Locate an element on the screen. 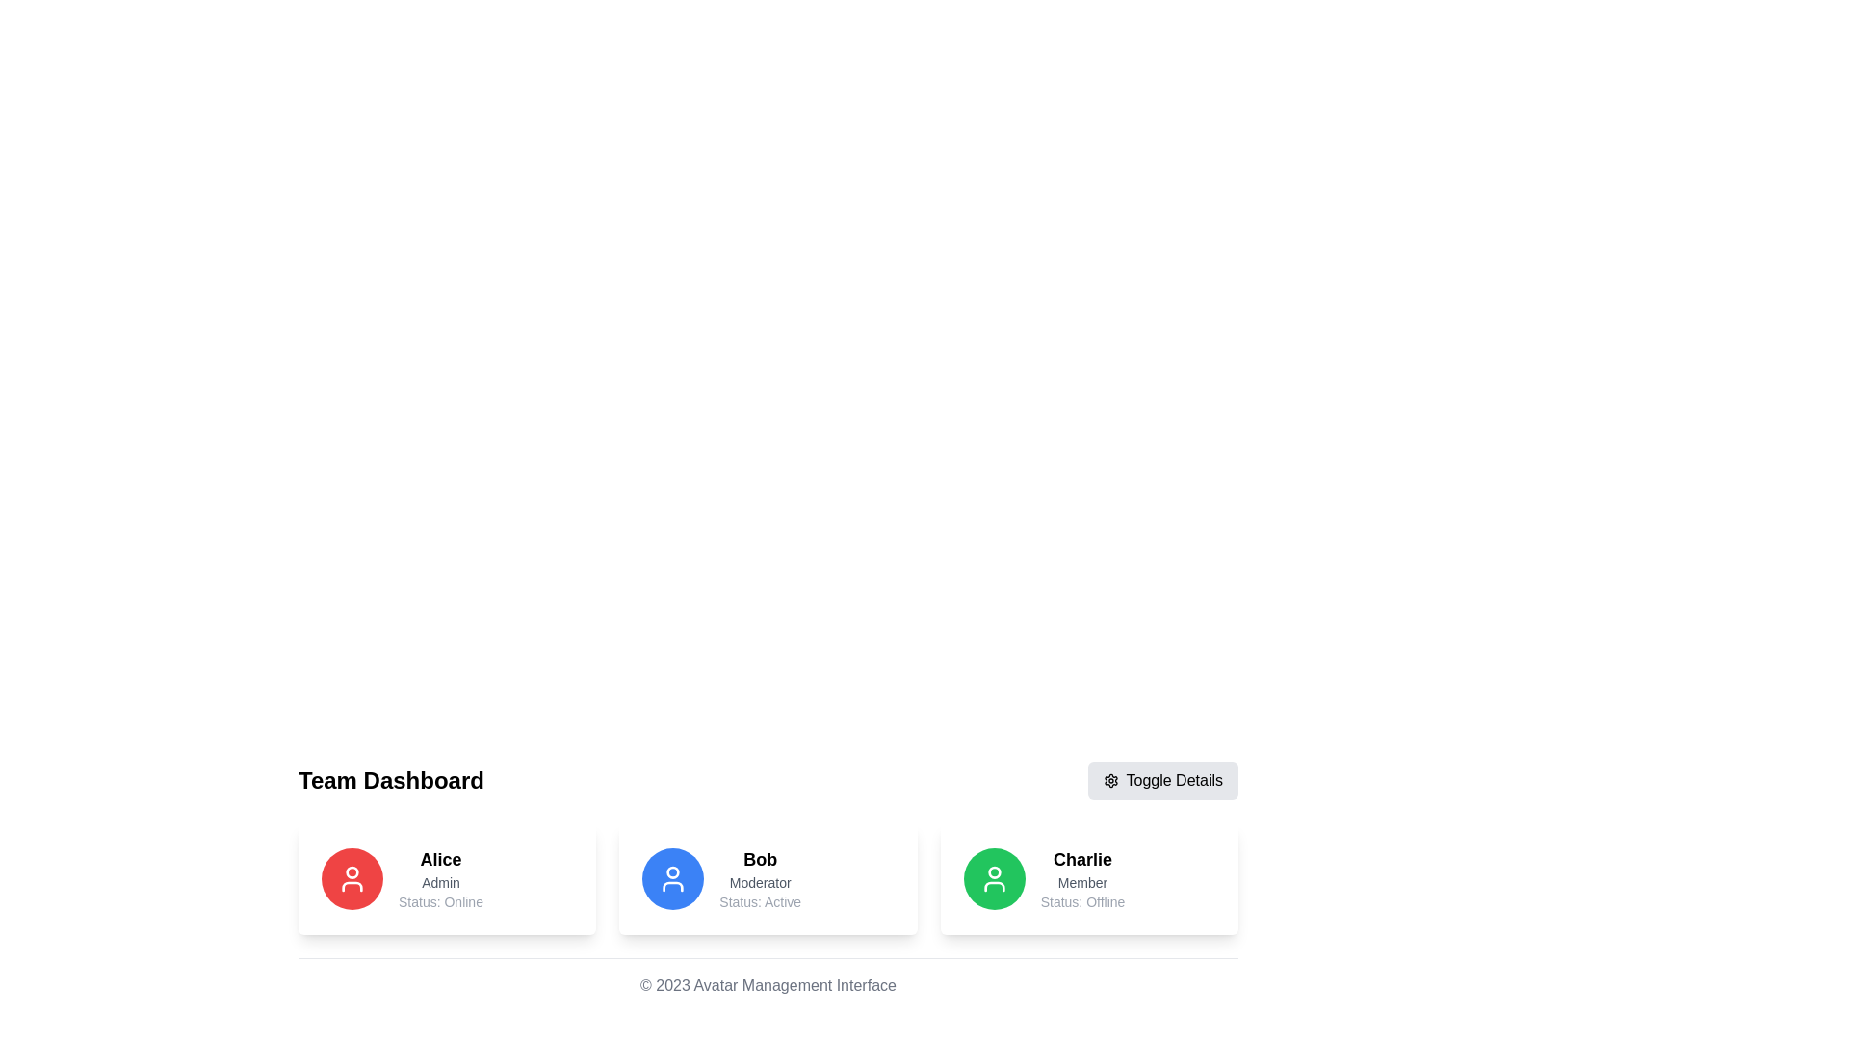 The width and height of the screenshot is (1849, 1040). the text element that identifies the user as 'Bob' located in the second card of a horizontal trio arrangement, above 'Moderator' and 'Status: Active.' is located at coordinates (759, 859).